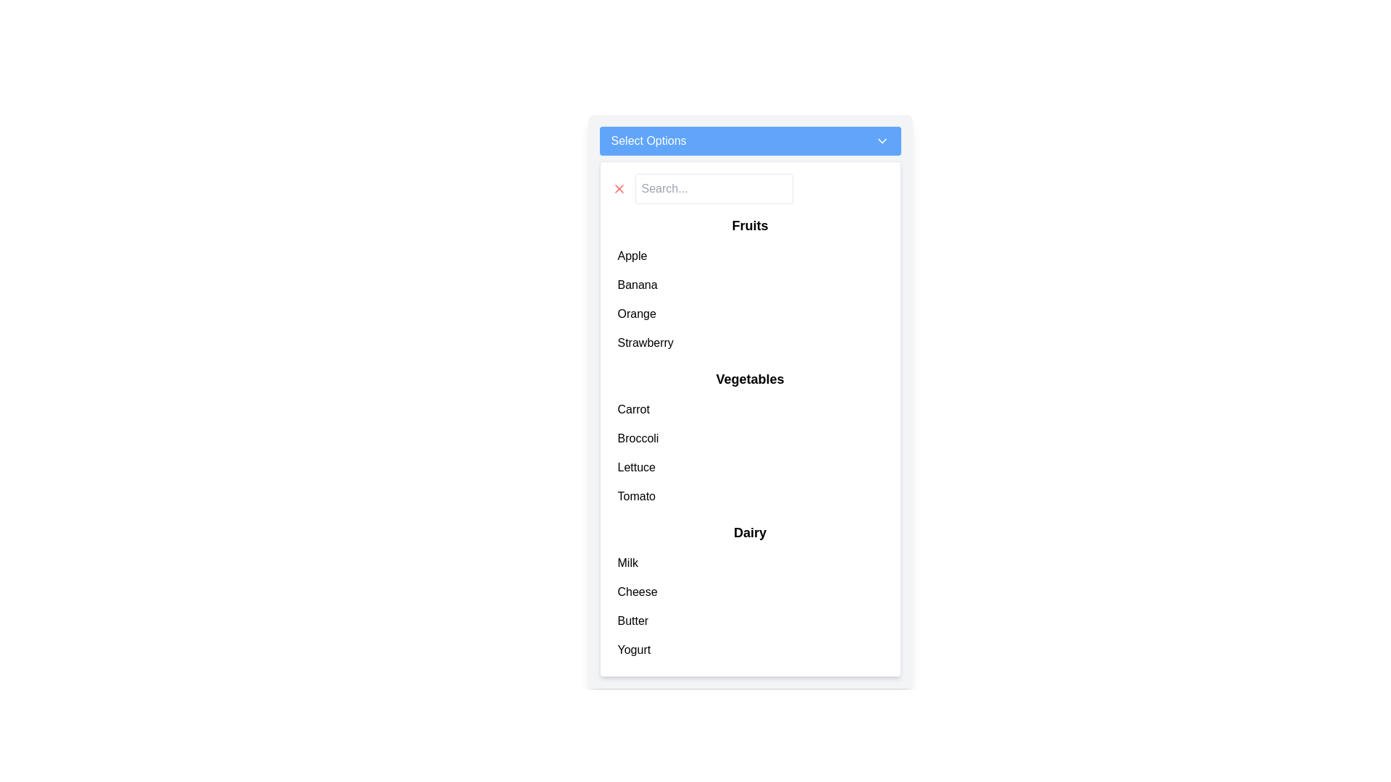 The width and height of the screenshot is (1391, 782). What do you see at coordinates (750, 314) in the screenshot?
I see `the third selectable option in the 'Fruits' category, which represents 'Orange'` at bounding box center [750, 314].